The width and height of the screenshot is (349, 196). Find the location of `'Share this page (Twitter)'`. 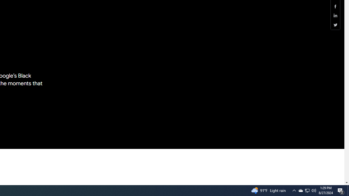

'Share this page (Twitter)' is located at coordinates (335, 25).